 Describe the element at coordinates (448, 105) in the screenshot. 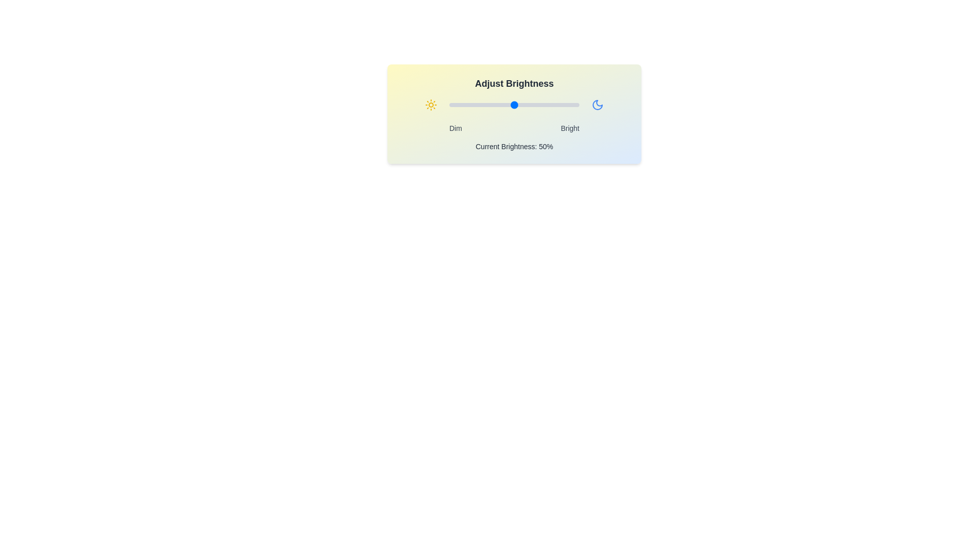

I see `the brightness to 0% by interacting with the slider` at that location.